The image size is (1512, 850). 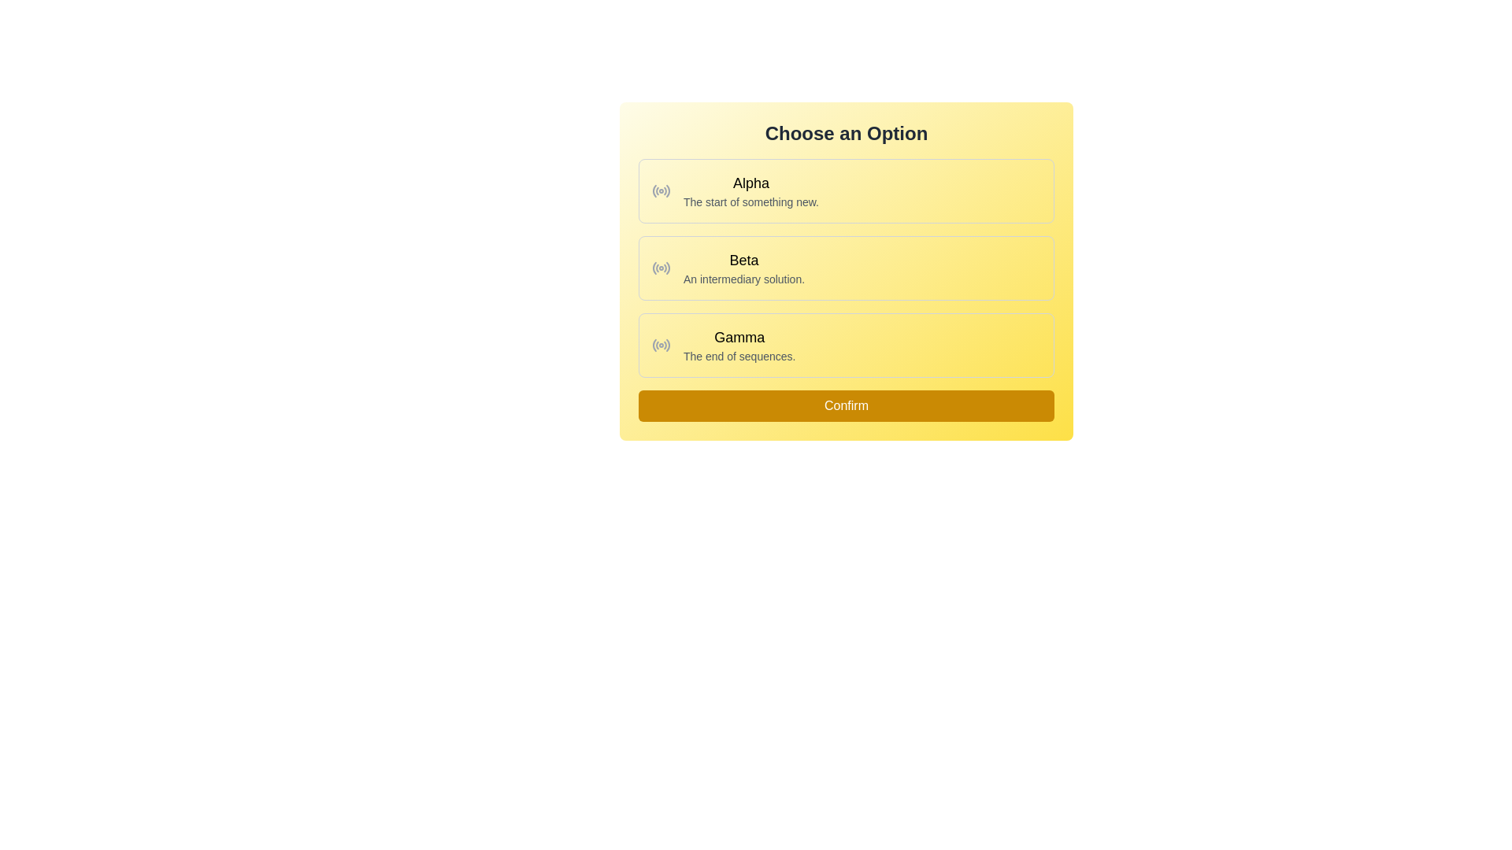 What do you see at coordinates (846, 270) in the screenshot?
I see `the radio button next to the 'Beta' option in the selectable list` at bounding box center [846, 270].